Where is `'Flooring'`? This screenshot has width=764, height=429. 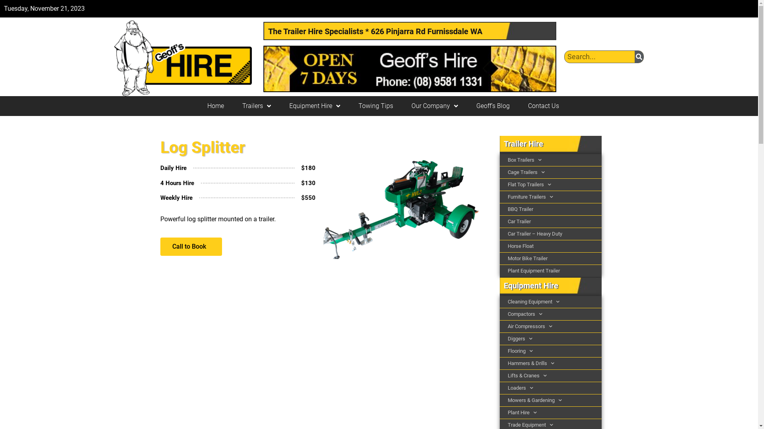
'Flooring' is located at coordinates (550, 350).